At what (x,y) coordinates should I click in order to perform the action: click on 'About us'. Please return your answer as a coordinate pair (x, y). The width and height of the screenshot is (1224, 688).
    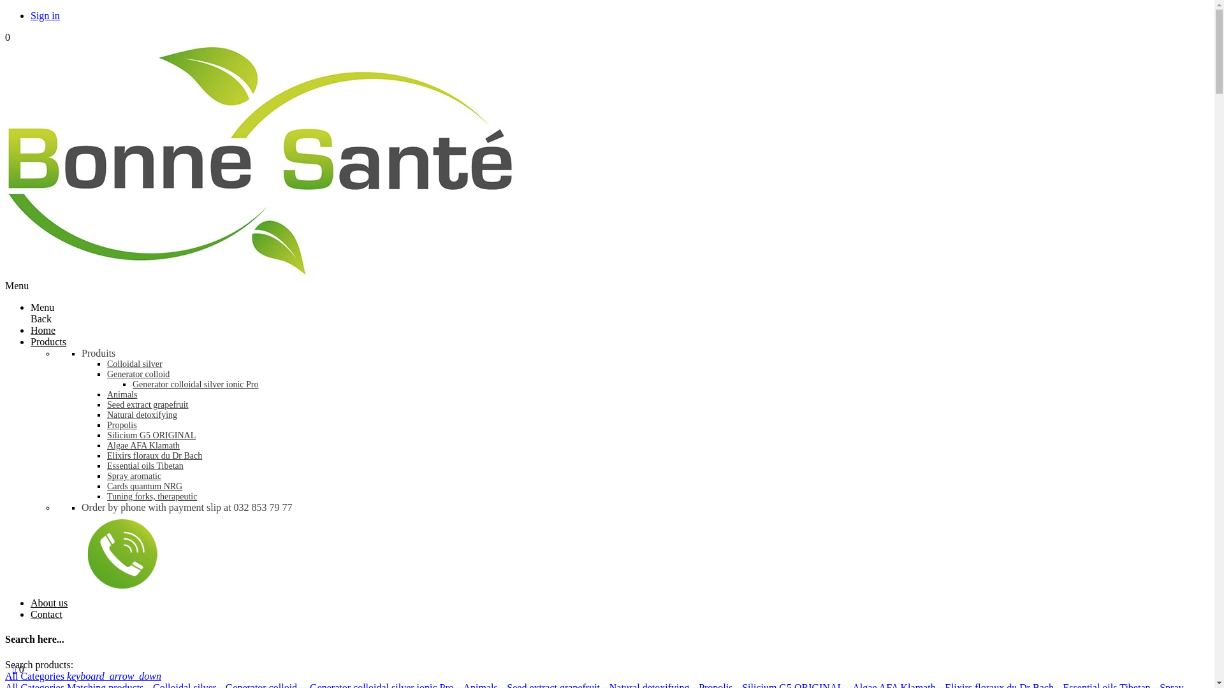
    Looking at the image, I should click on (48, 602).